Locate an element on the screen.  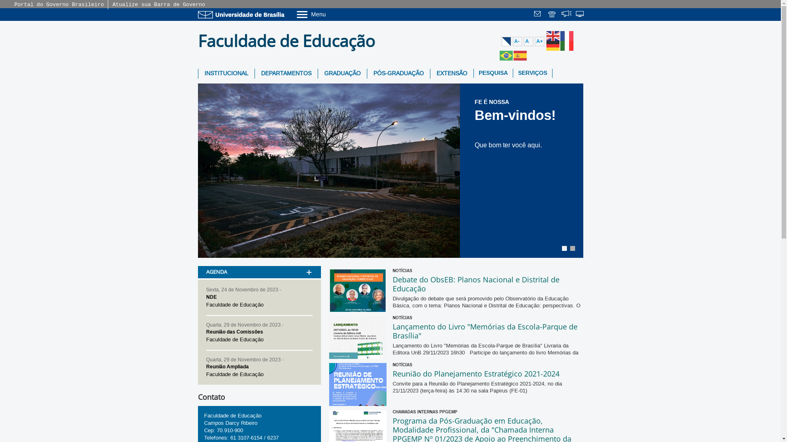
'Webmail' is located at coordinates (539, 15).